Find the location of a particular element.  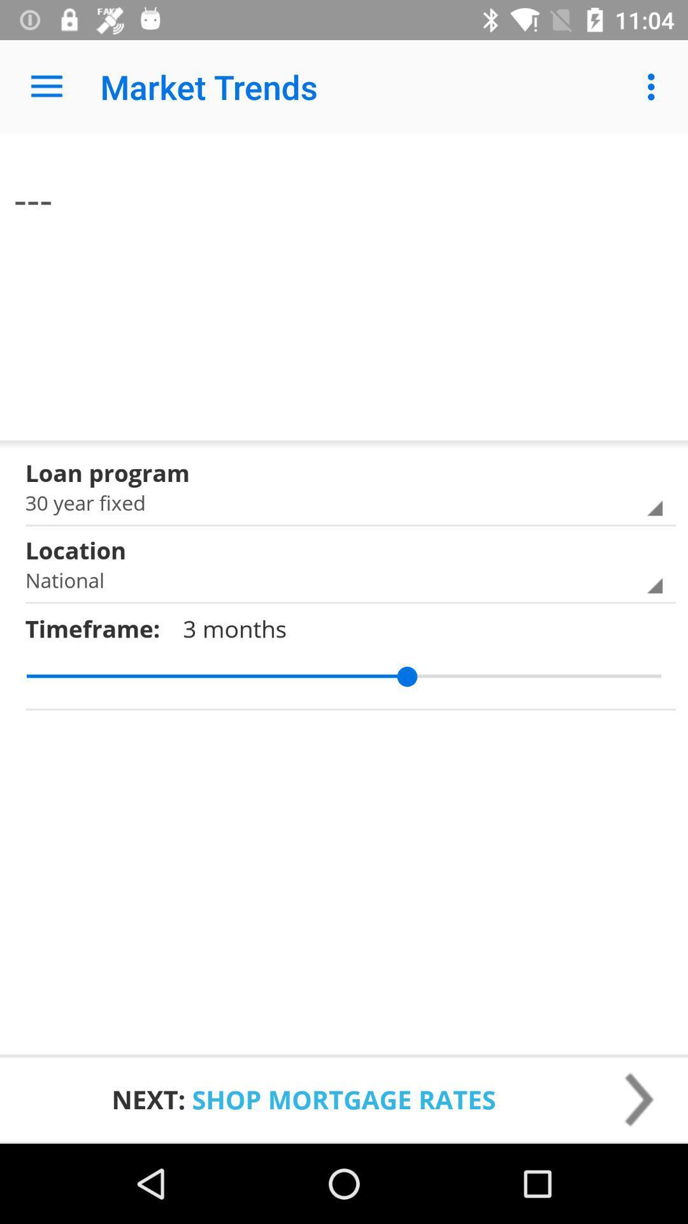

icon at the top right corner is located at coordinates (654, 86).